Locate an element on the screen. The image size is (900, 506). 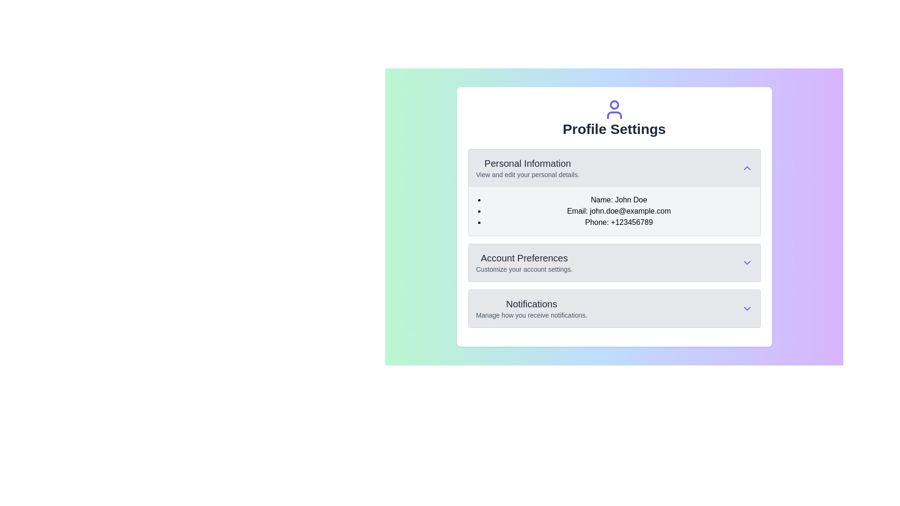
the formatted list containing contact information in the 'Personal Information' section of the 'Profile Settings' page is located at coordinates (614, 211).